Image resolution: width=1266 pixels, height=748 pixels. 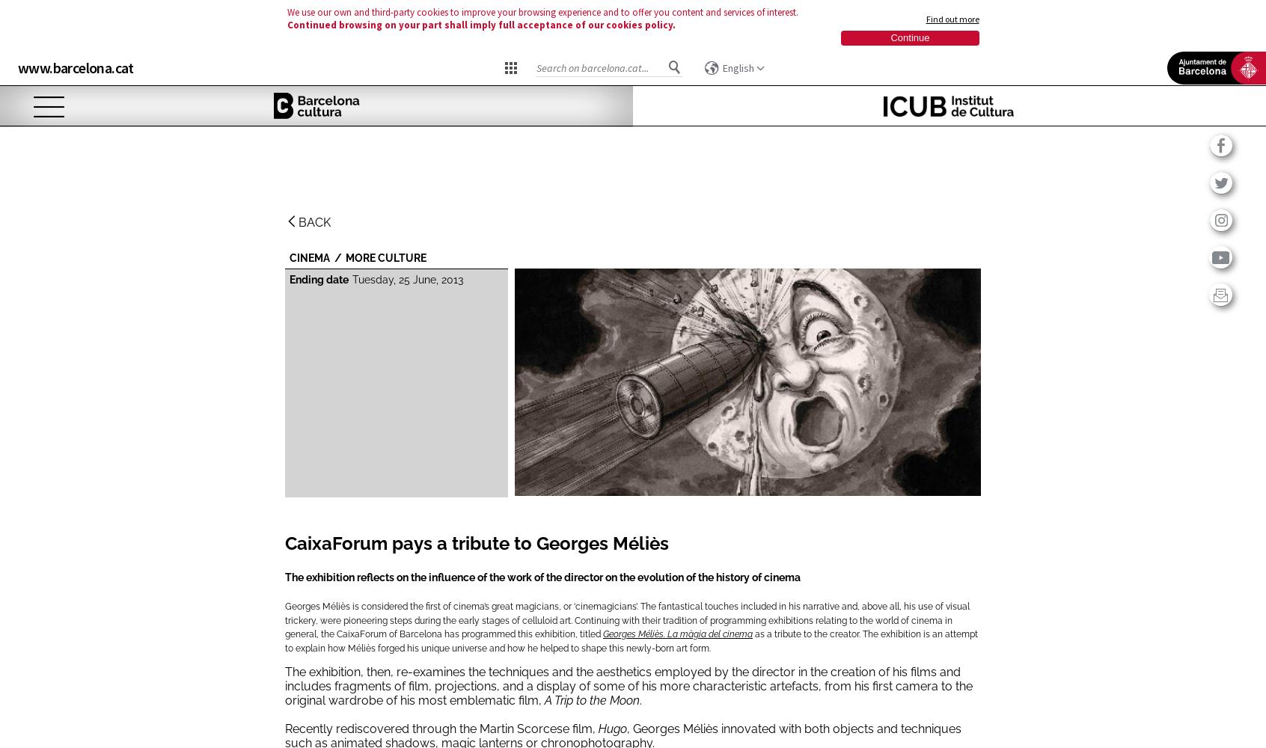 I want to click on 'Continued browsing on your part shall imply full acceptance of our cookies policy.', so click(x=287, y=25).